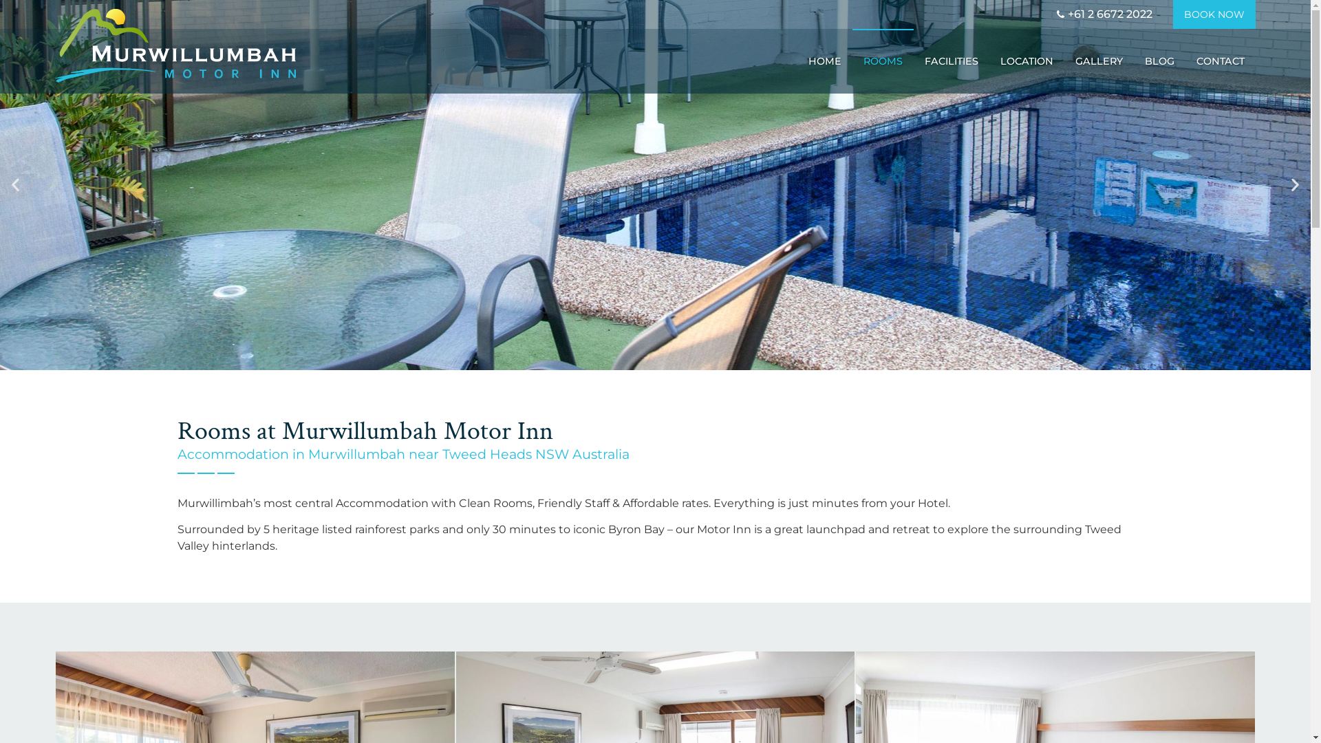 The image size is (1321, 743). What do you see at coordinates (1103, 14) in the screenshot?
I see `'+61 2 6672 2022'` at bounding box center [1103, 14].